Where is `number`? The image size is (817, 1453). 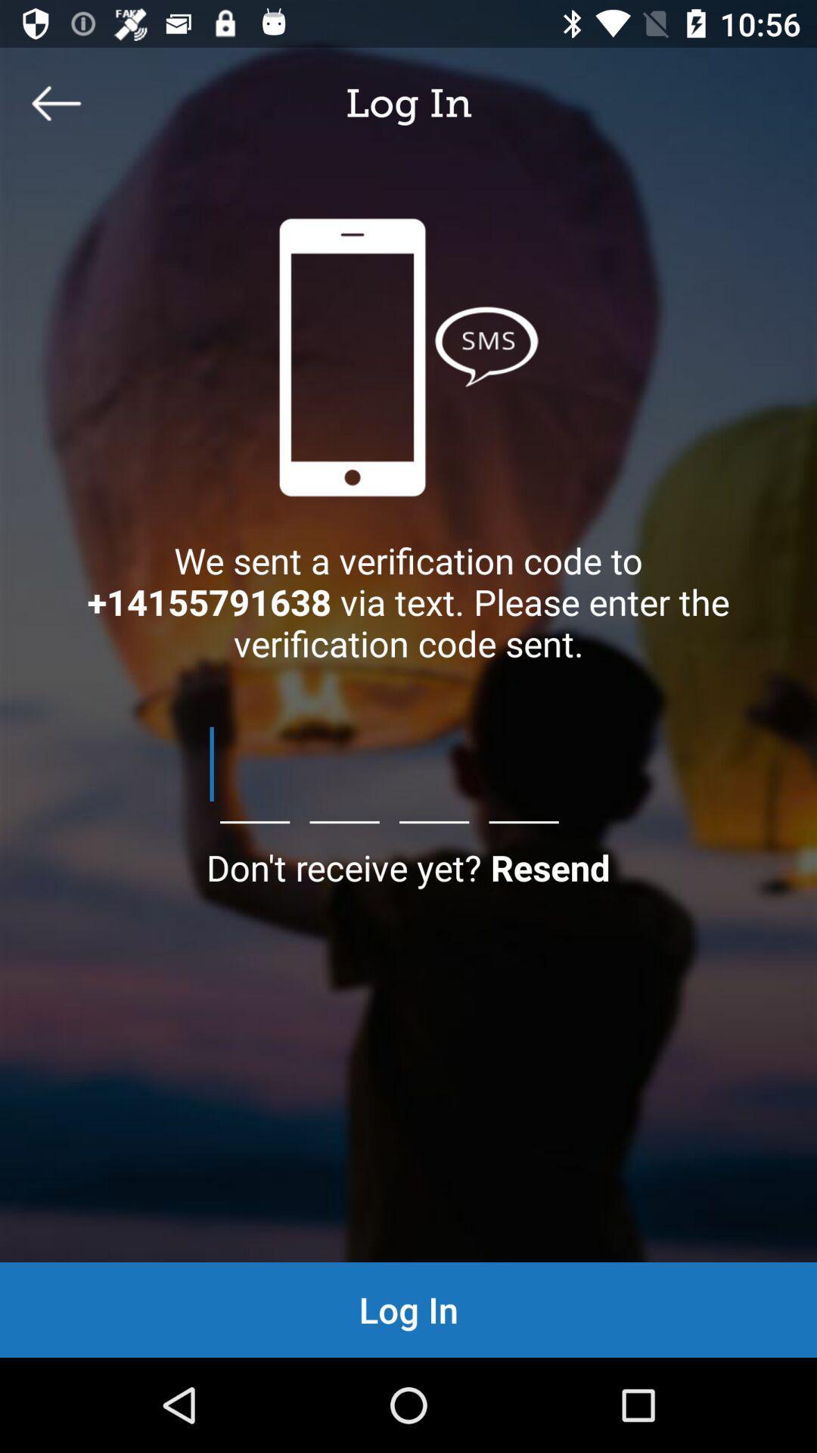 number is located at coordinates (408, 764).